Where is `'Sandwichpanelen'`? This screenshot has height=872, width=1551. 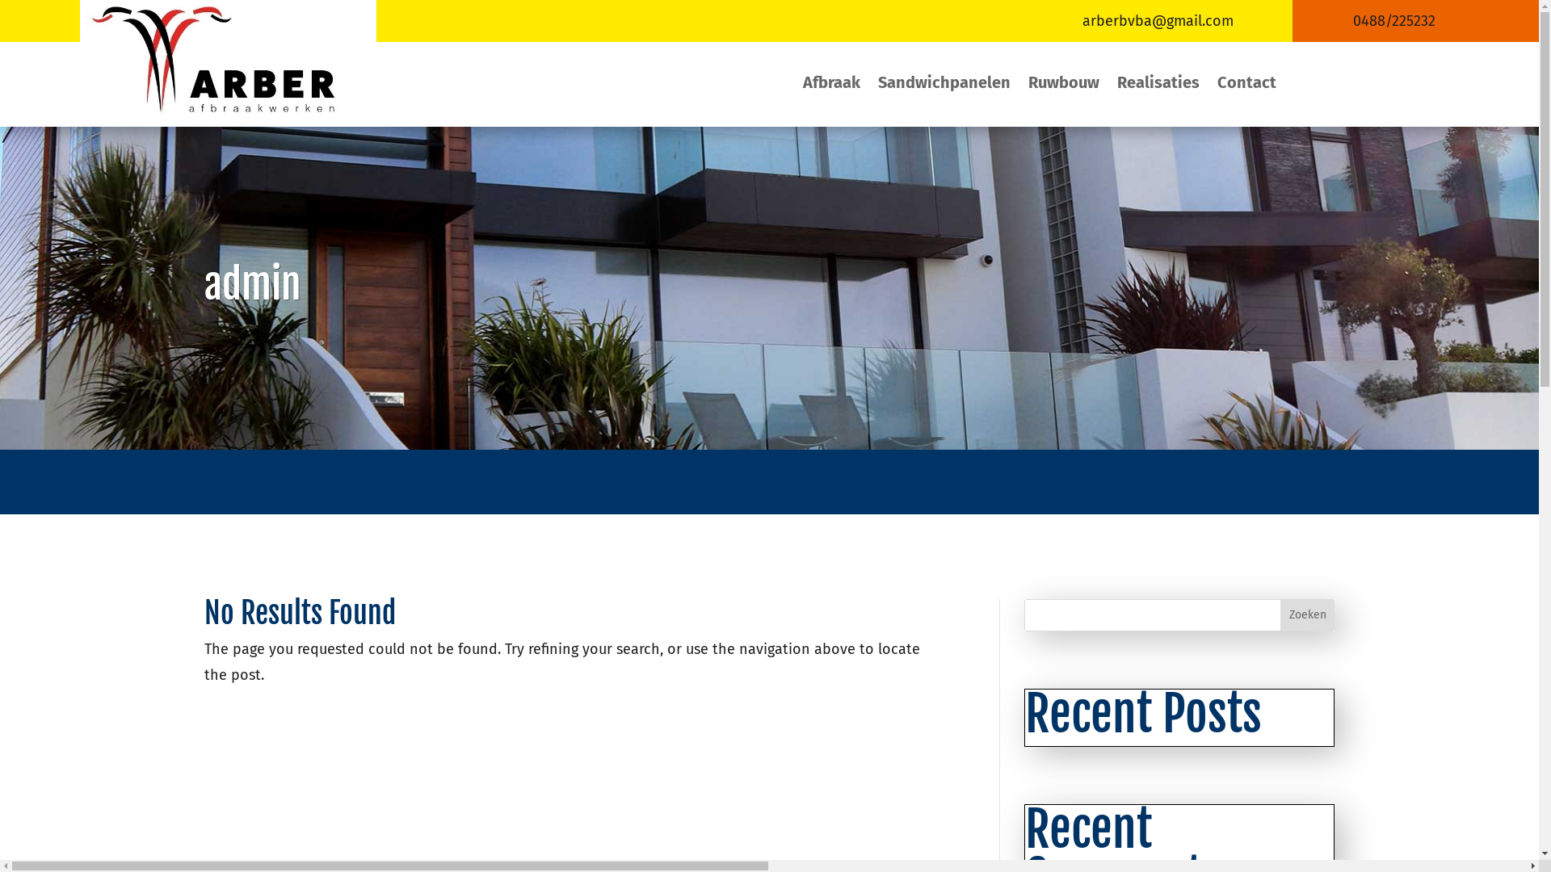 'Sandwichpanelen' is located at coordinates (944, 85).